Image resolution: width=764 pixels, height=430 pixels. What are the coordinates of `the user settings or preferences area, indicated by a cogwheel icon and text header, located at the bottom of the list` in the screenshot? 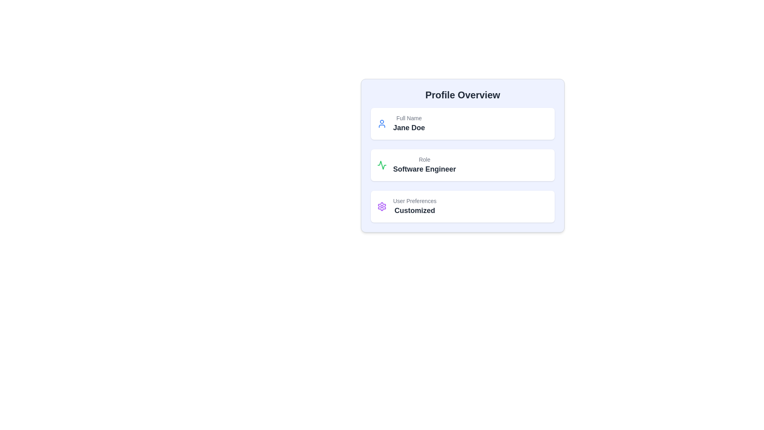 It's located at (407, 206).